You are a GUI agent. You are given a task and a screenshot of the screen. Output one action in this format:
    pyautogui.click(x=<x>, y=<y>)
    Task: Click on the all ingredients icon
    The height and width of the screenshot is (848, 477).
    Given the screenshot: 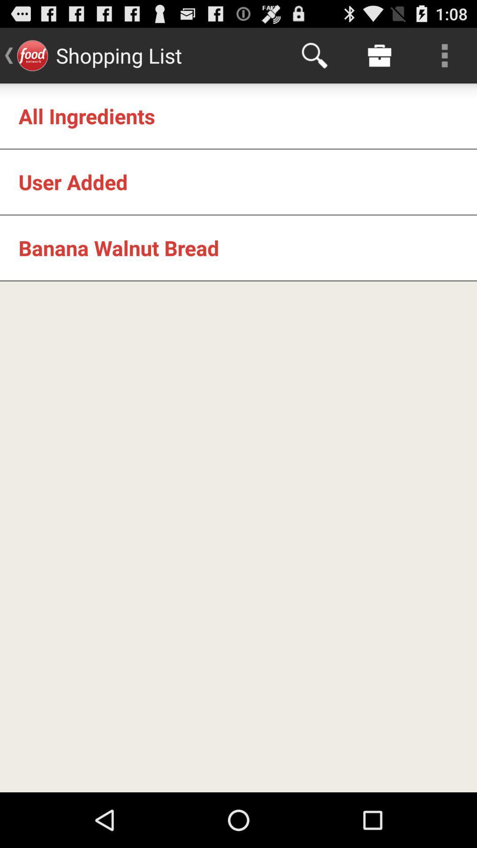 What is the action you would take?
    pyautogui.click(x=87, y=115)
    